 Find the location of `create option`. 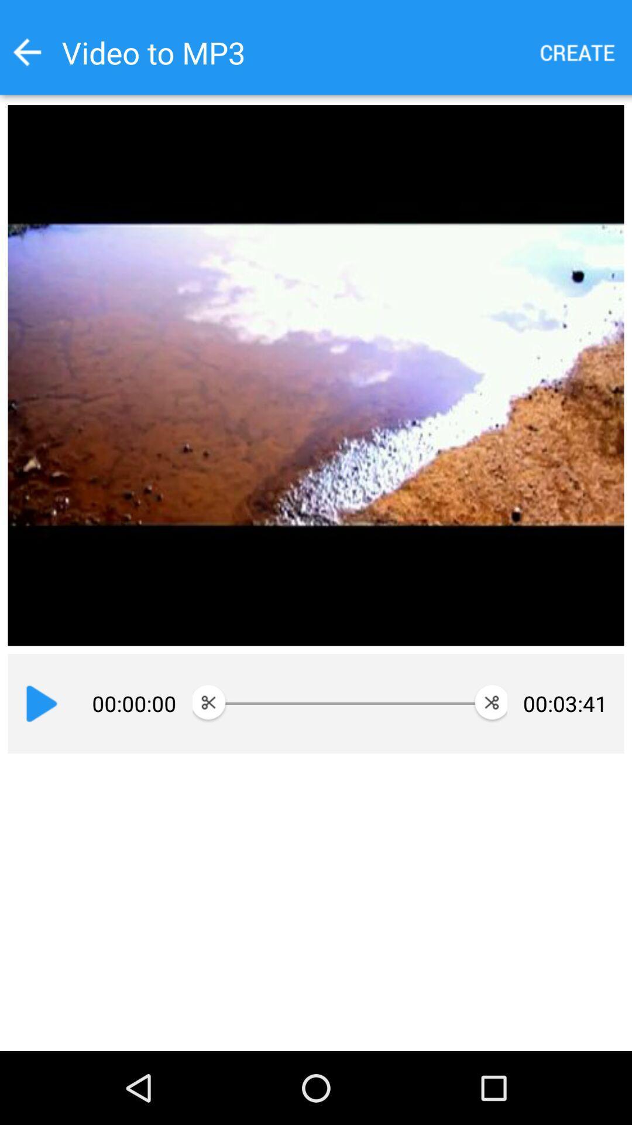

create option is located at coordinates (578, 52).